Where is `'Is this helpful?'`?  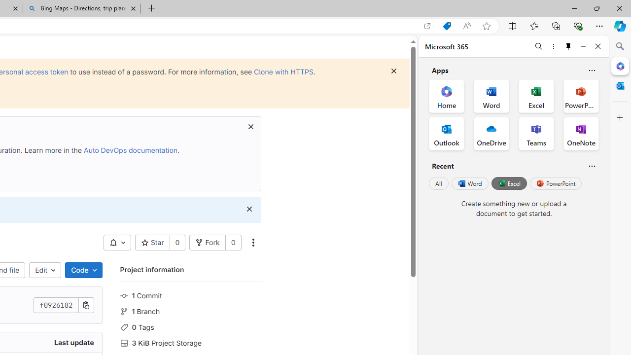
'Is this helpful?' is located at coordinates (592, 165).